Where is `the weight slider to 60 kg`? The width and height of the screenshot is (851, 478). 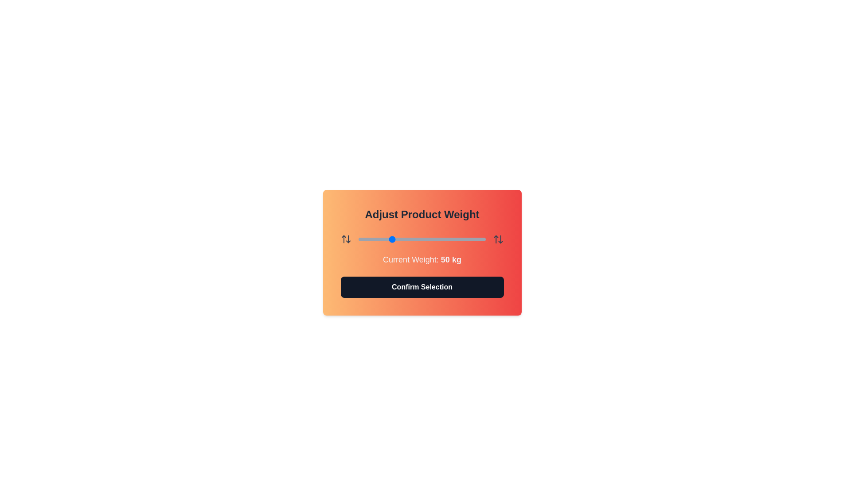 the weight slider to 60 kg is located at coordinates (396, 239).